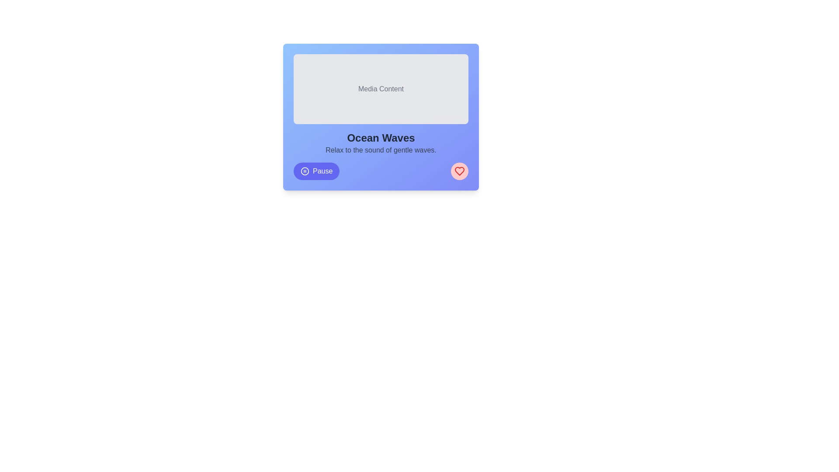  What do you see at coordinates (459, 171) in the screenshot?
I see `the circular button with a soft red background and a heart icon` at bounding box center [459, 171].